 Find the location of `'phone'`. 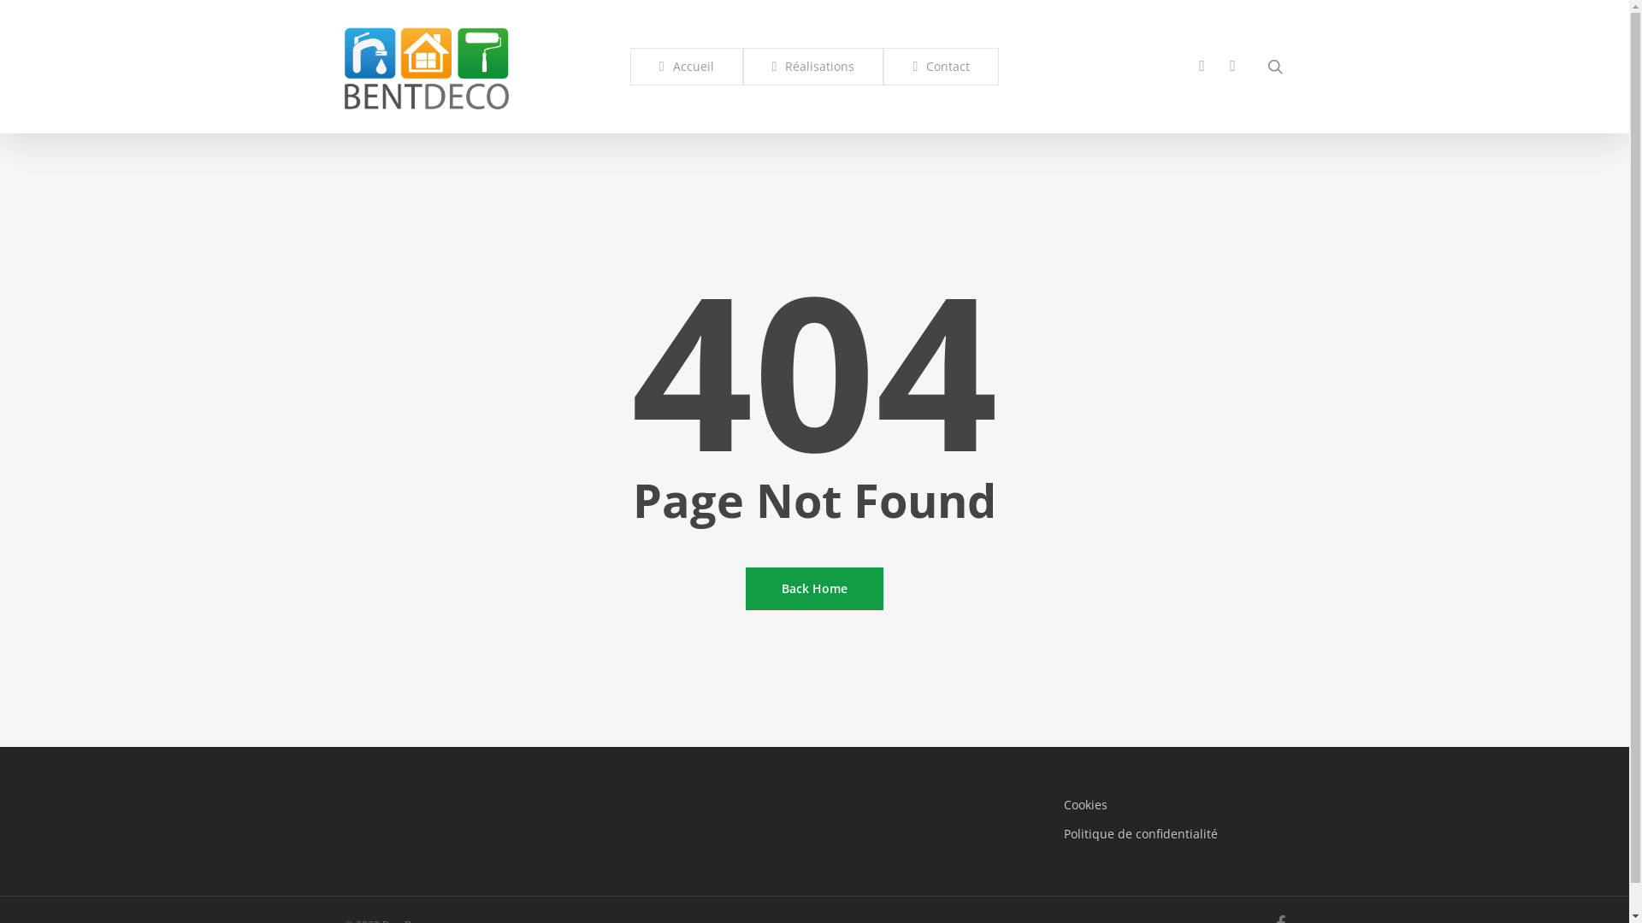

'phone' is located at coordinates (1202, 65).